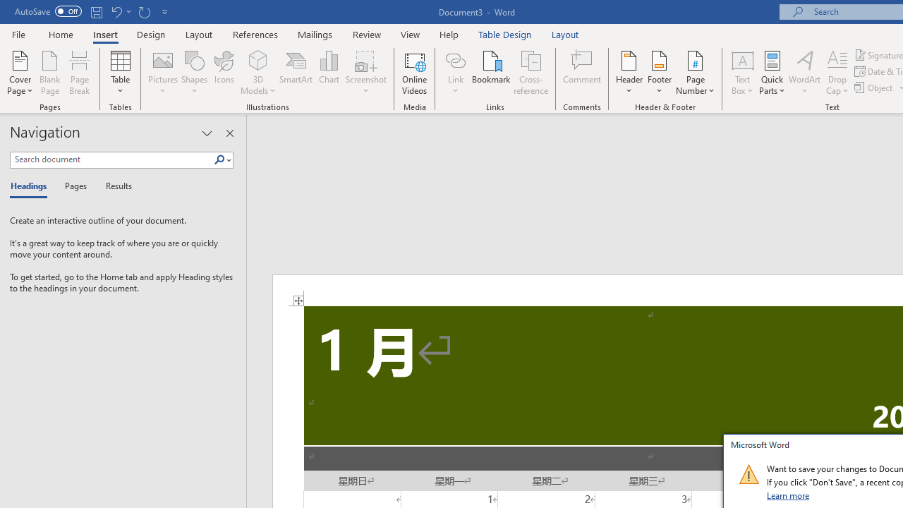  I want to click on 'Quick Parts', so click(772, 73).